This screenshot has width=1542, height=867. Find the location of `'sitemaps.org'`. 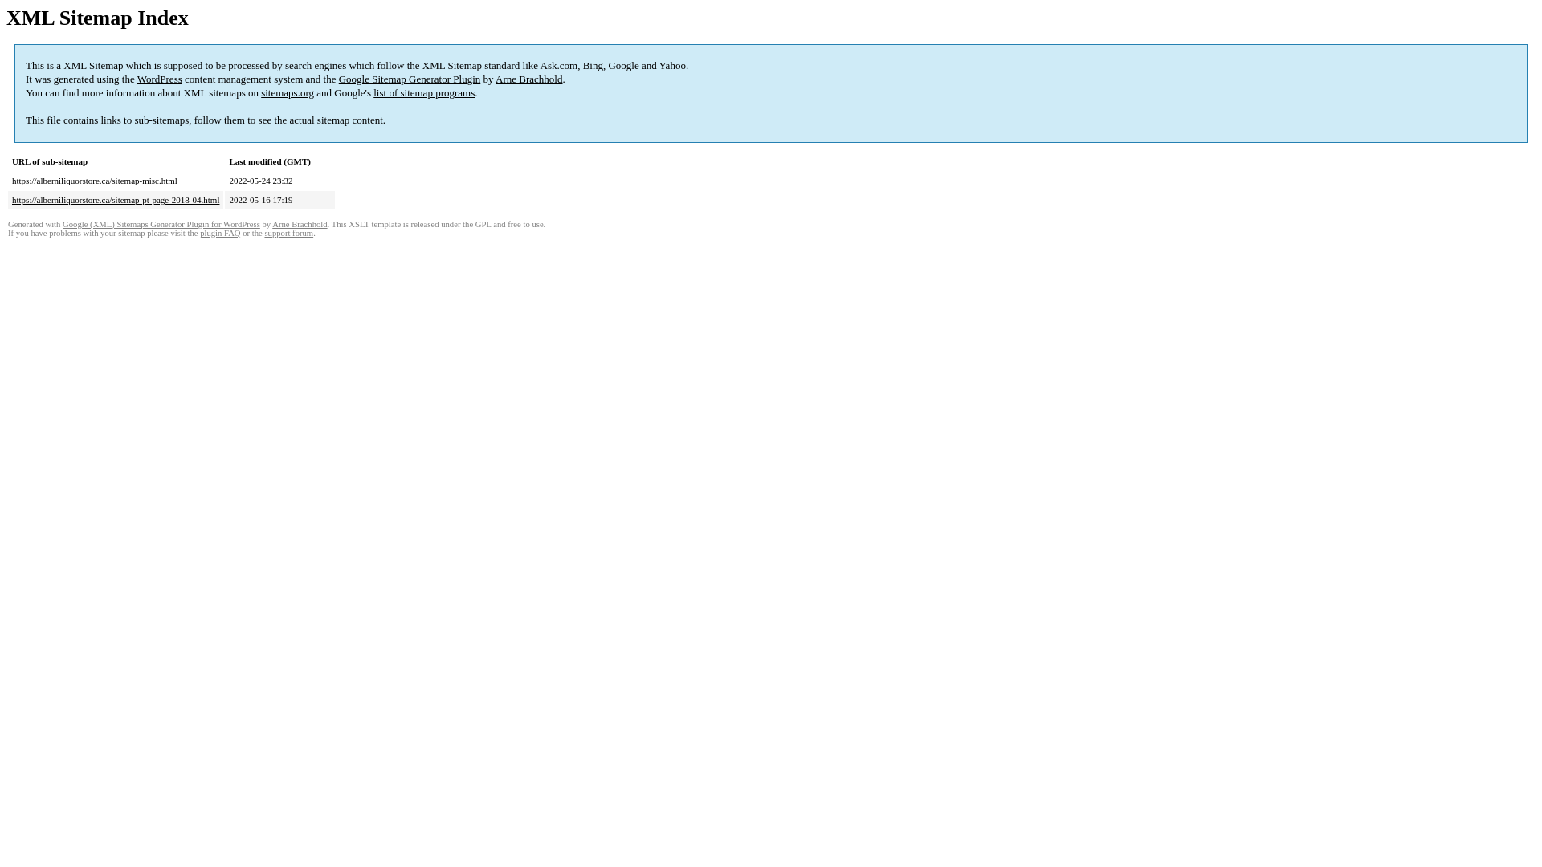

'sitemaps.org' is located at coordinates (261, 92).